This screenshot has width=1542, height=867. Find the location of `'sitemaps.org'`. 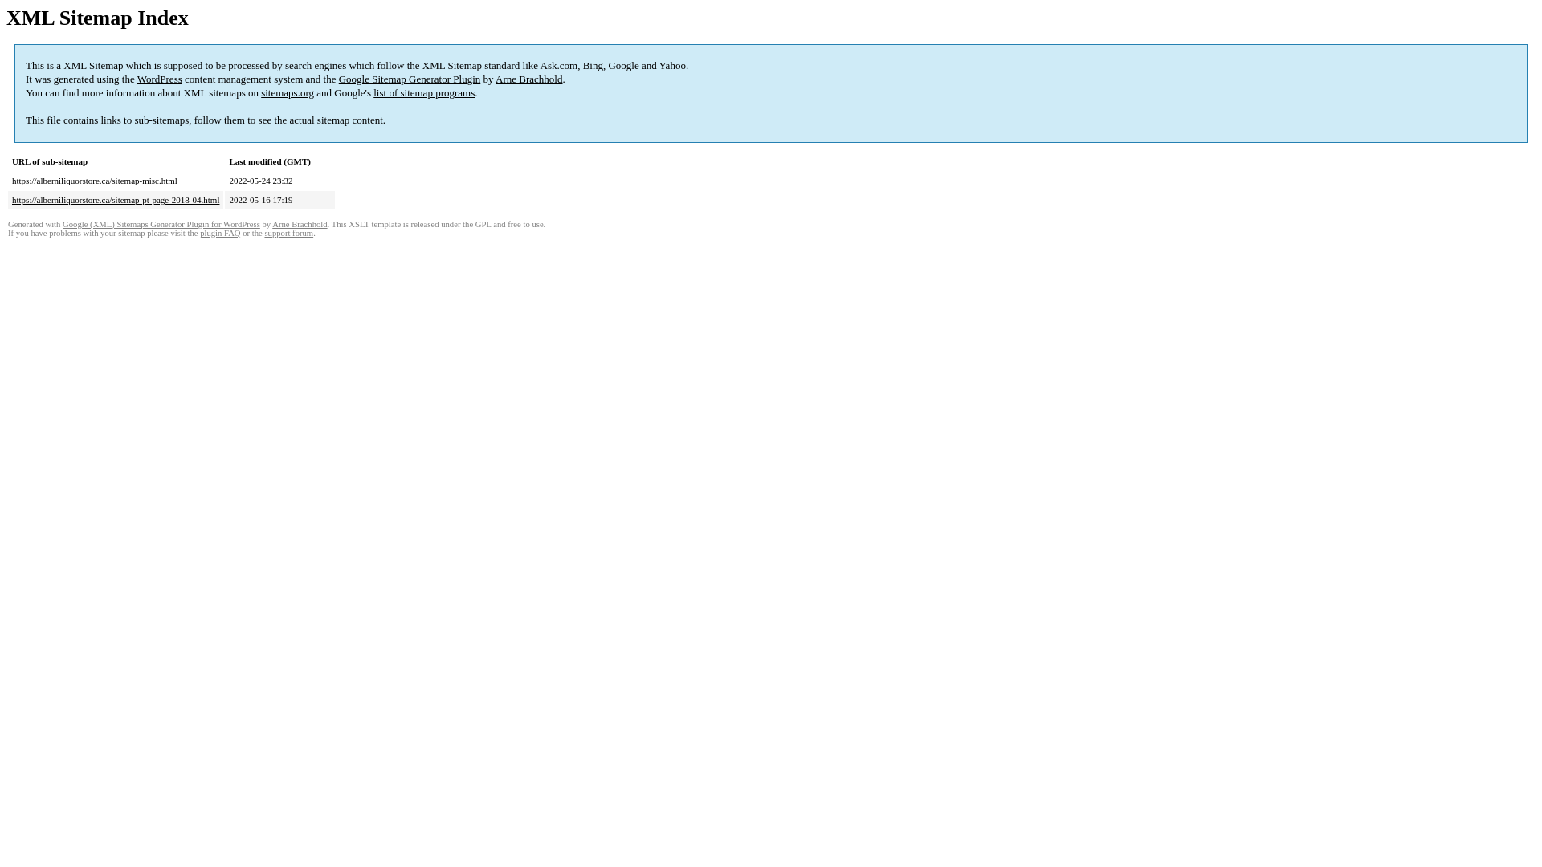

'sitemaps.org' is located at coordinates (261, 92).